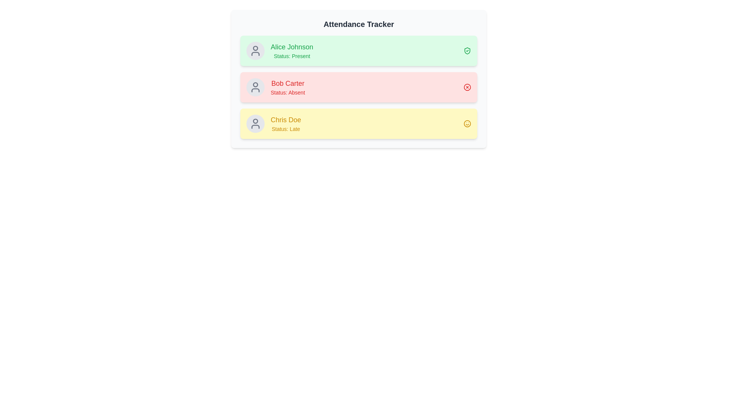 The height and width of the screenshot is (410, 729). Describe the element at coordinates (275, 87) in the screenshot. I see `the text block displaying the name 'Bob Carter' in the informational card` at that location.